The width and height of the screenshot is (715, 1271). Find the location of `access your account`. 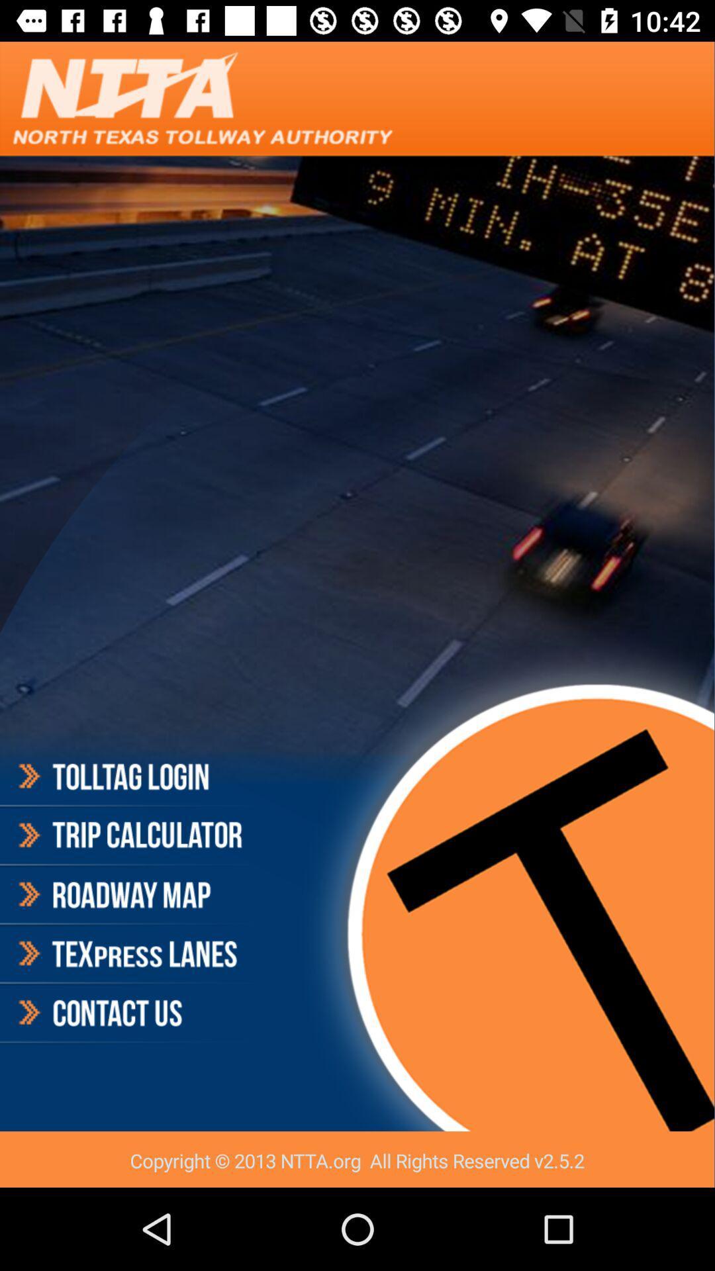

access your account is located at coordinates (128, 778).